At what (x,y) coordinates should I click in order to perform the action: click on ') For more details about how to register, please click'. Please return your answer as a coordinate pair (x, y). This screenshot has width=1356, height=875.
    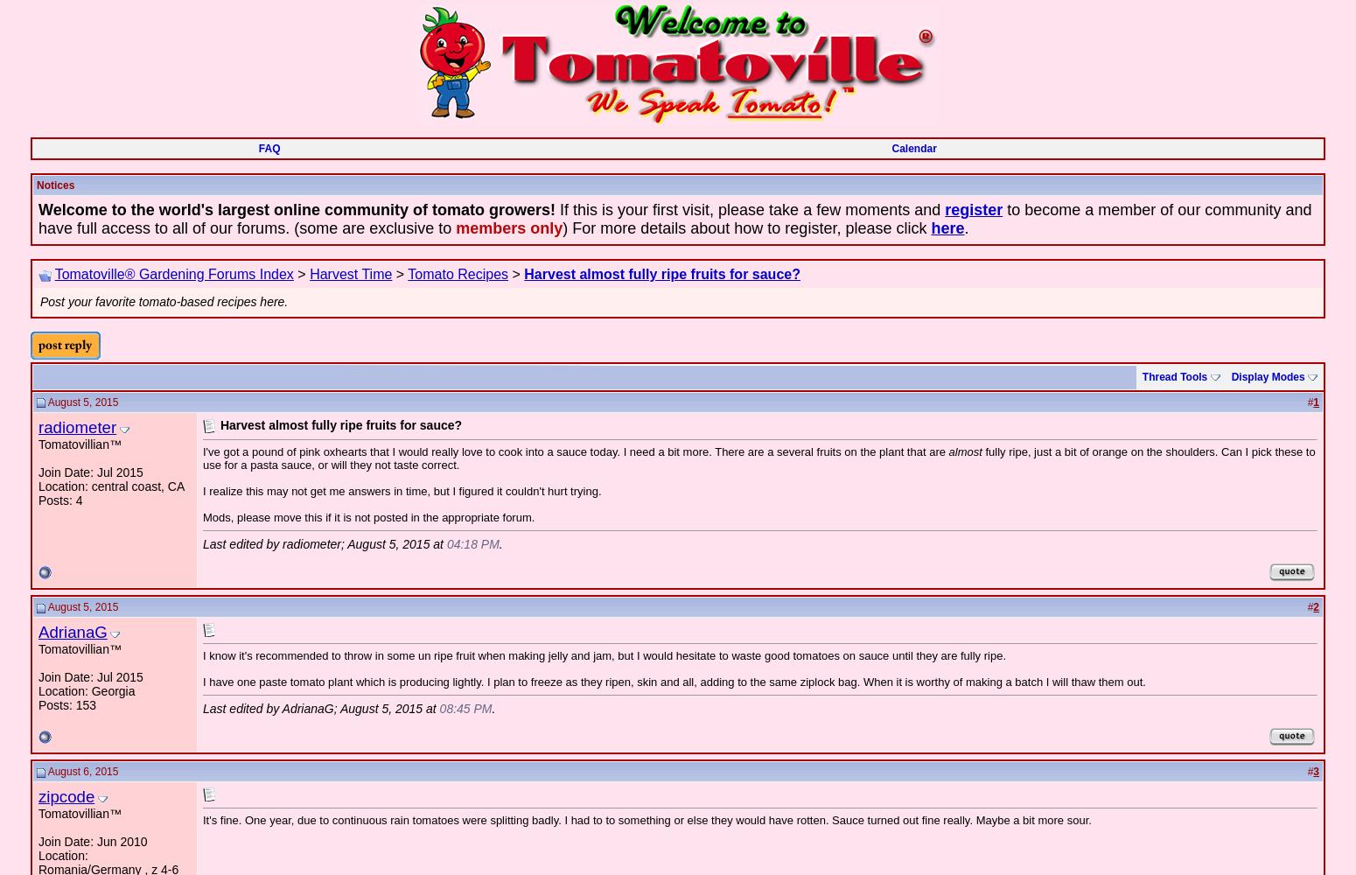
    Looking at the image, I should click on (561, 228).